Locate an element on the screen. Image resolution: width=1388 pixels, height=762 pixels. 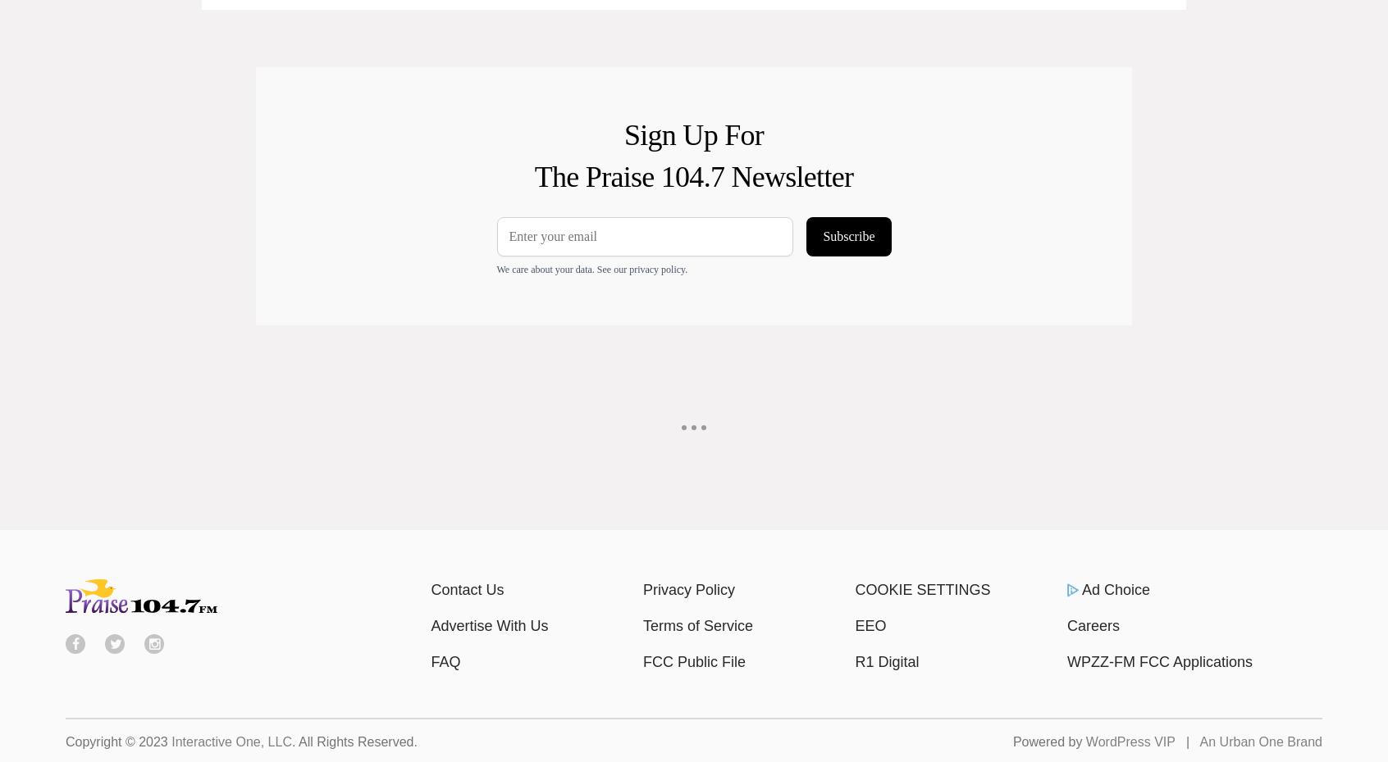
'We care about your data. See our' is located at coordinates (562, 268).